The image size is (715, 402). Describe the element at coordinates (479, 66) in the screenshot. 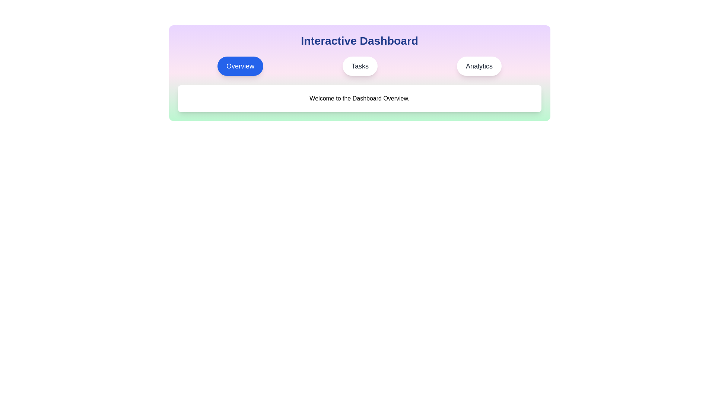

I see `the tab labeled Analytics` at that location.